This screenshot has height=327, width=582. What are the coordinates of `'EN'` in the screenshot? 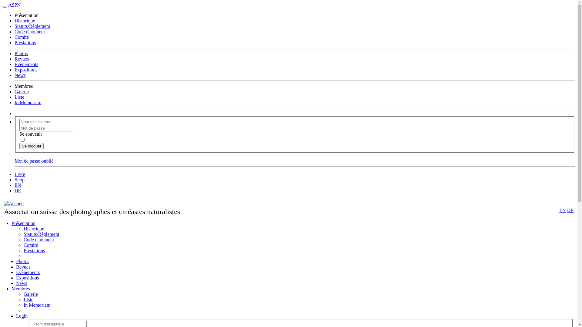 It's located at (559, 210).